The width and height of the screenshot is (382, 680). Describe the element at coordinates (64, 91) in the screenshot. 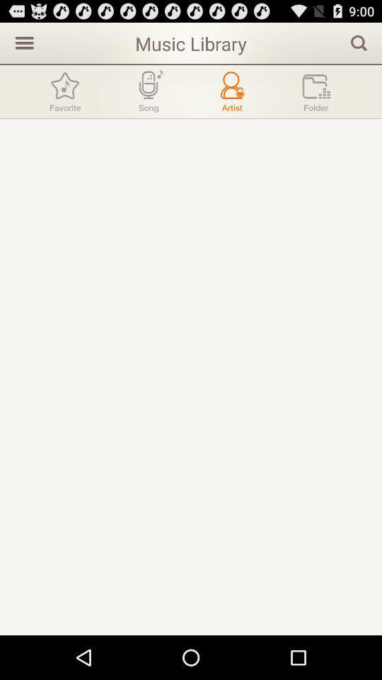

I see `go favorite` at that location.